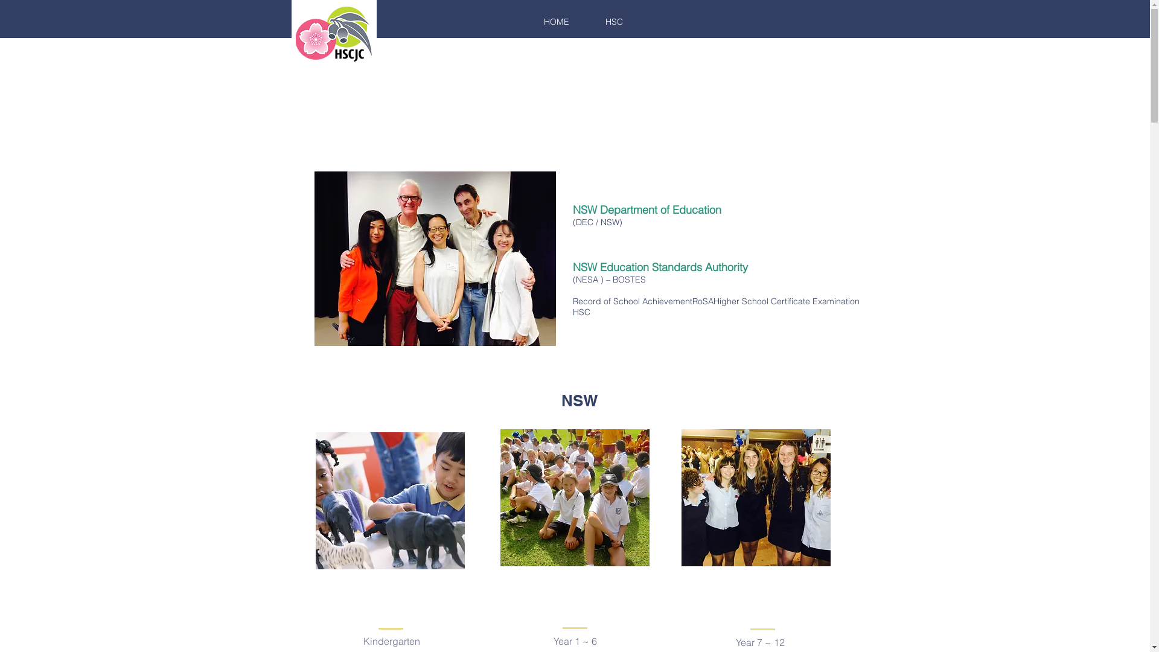 This screenshot has height=652, width=1159. I want to click on 'HOME', so click(534, 21).